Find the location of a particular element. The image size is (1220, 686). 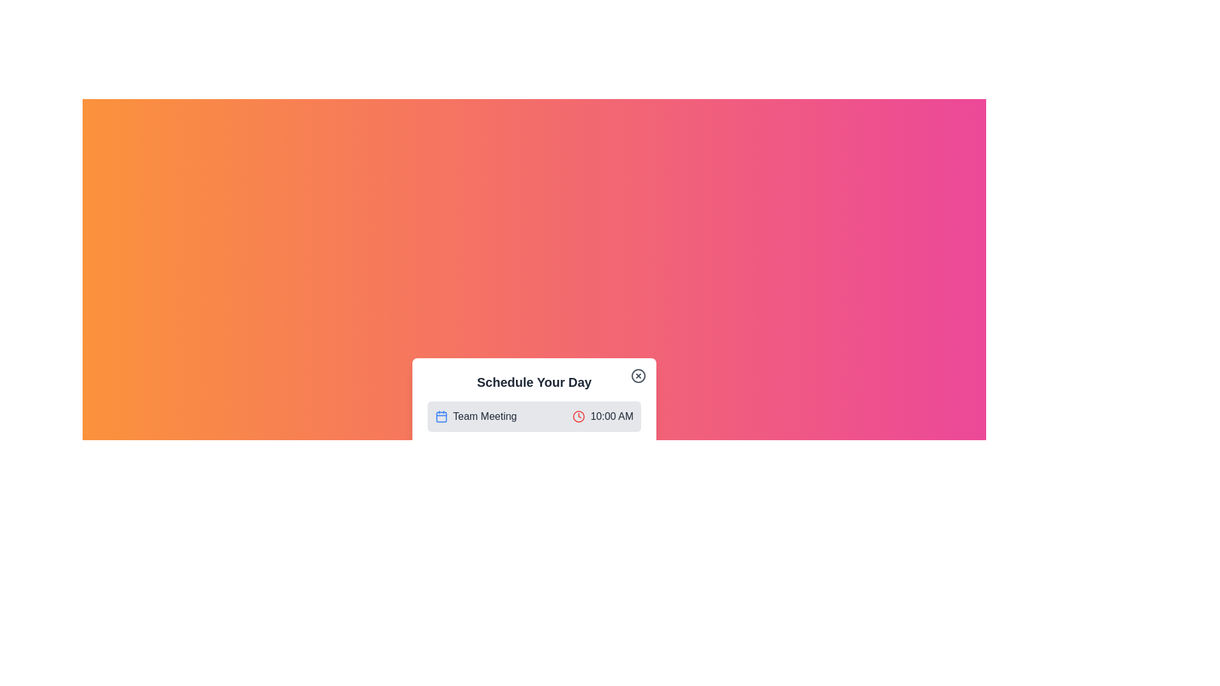

the text label that displays 'Team Meeting', which is styled with a clean sans-serif font and is located within a pop-up card titled 'Schedule Your Day' is located at coordinates (484, 416).